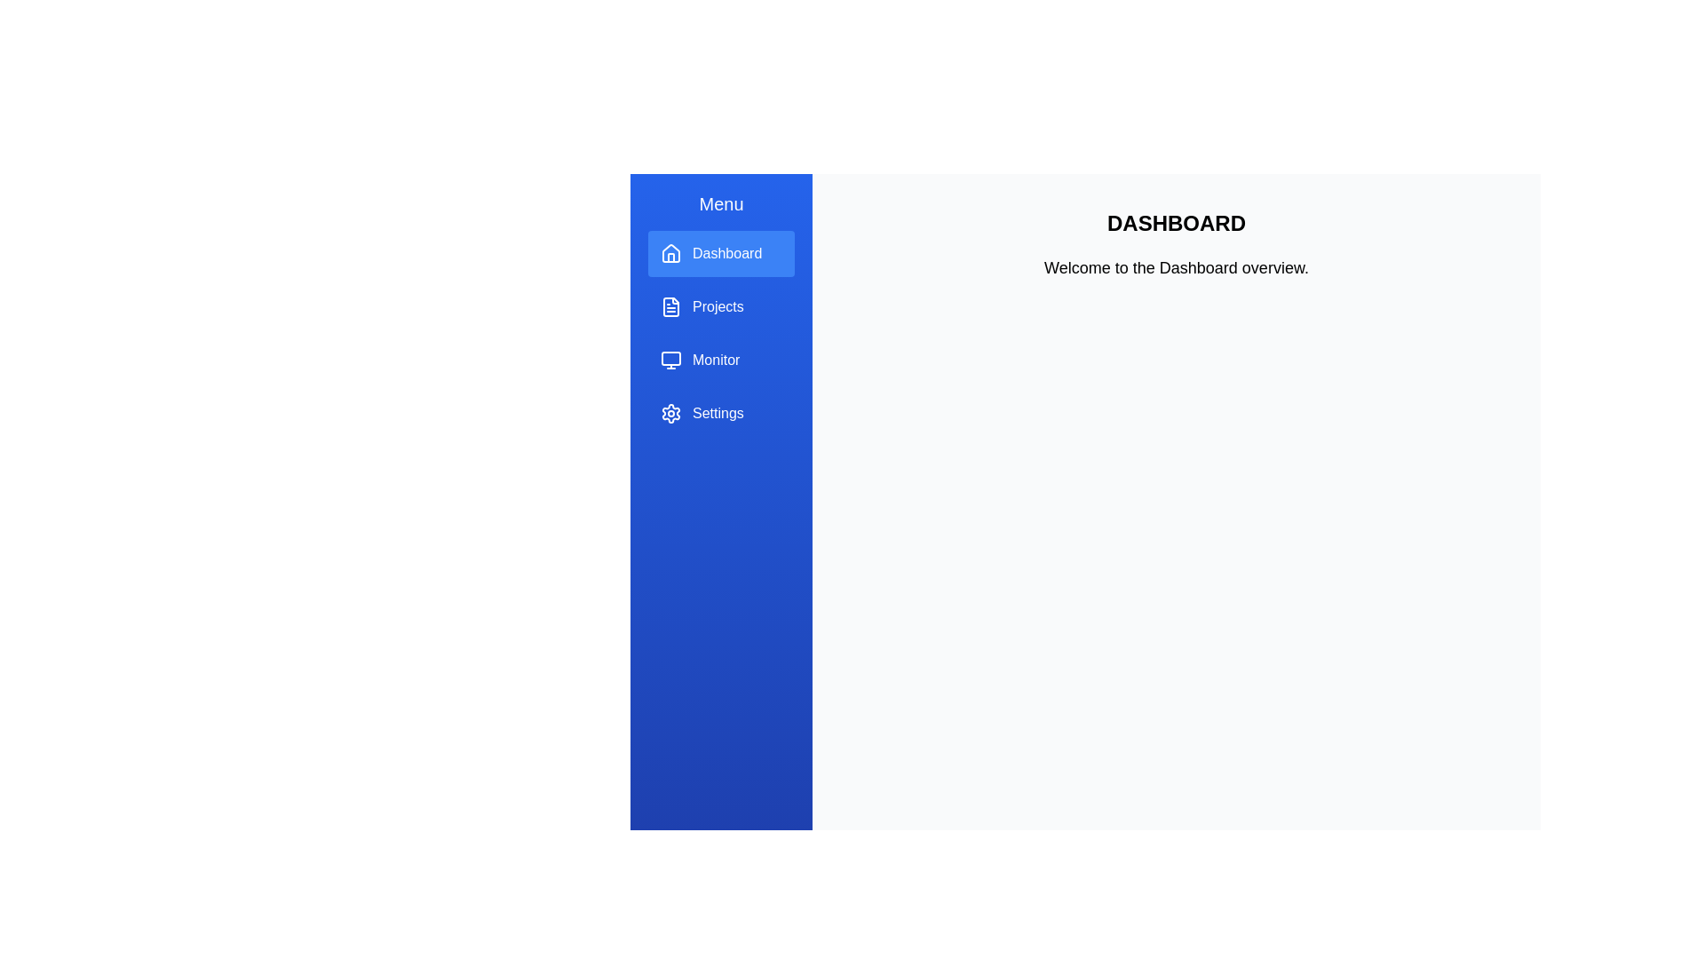  What do you see at coordinates (670, 253) in the screenshot?
I see `the house icon in the left navigation panel` at bounding box center [670, 253].